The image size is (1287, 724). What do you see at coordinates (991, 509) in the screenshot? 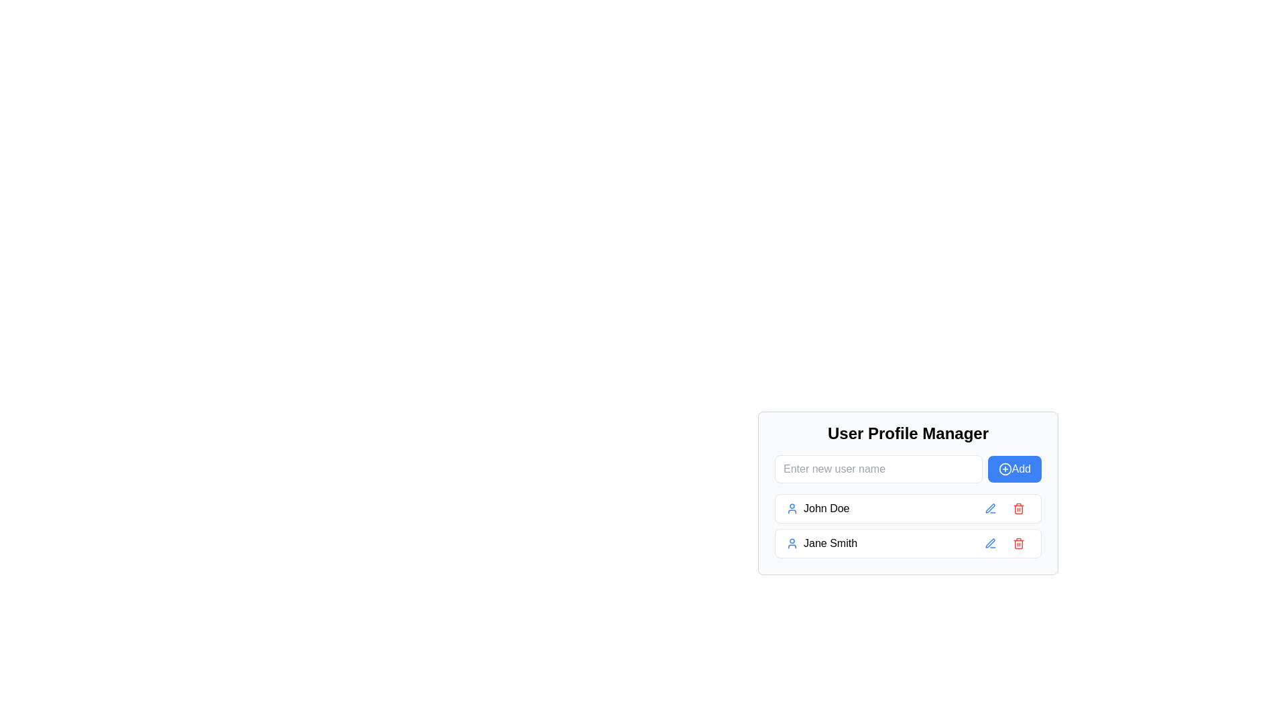
I see `the edit icon button associated with the user 'John Doe'` at bounding box center [991, 509].